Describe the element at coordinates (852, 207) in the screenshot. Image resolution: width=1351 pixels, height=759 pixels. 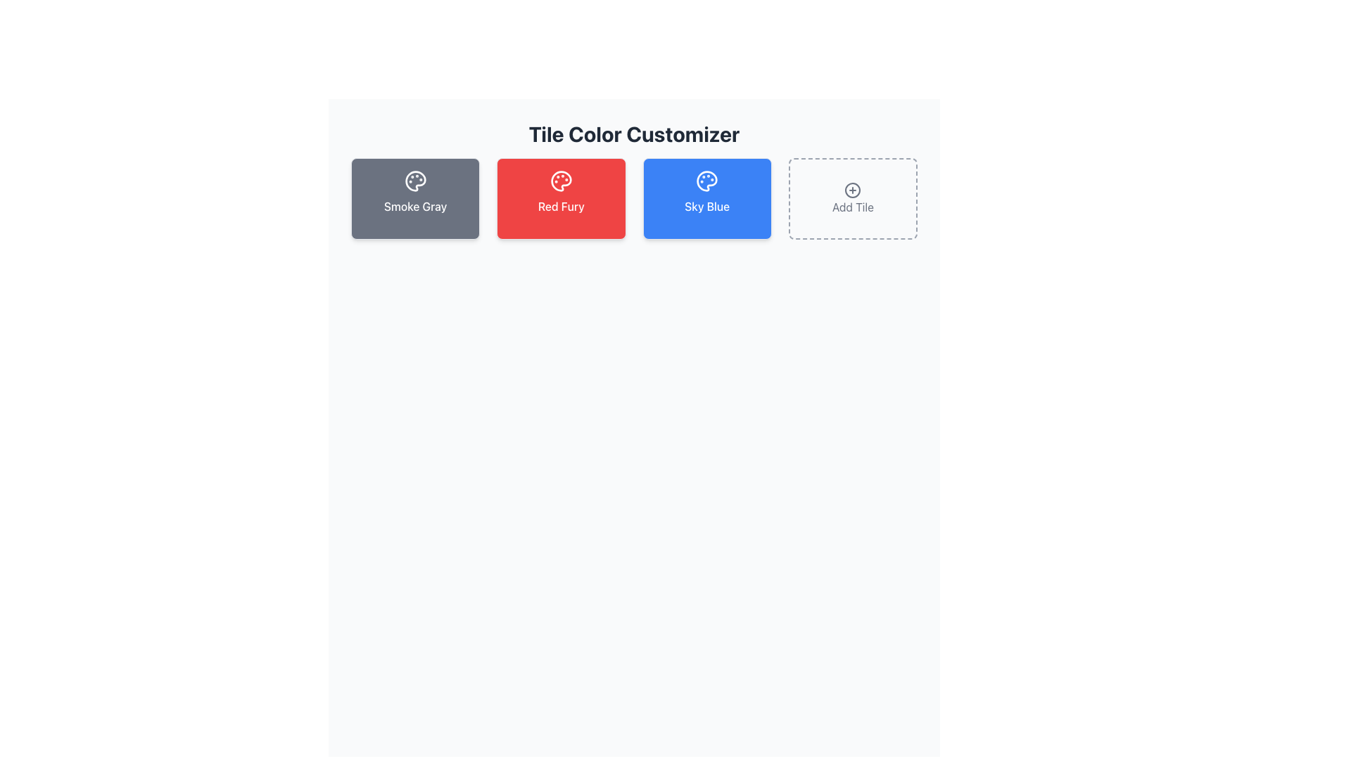
I see `the 'Add Tile' text label within the dashed rectangular box` at that location.